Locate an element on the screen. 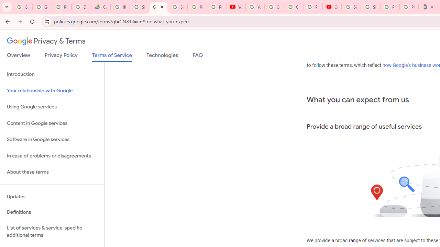 The image size is (440, 247). 'Software in Google services' is located at coordinates (52, 139).